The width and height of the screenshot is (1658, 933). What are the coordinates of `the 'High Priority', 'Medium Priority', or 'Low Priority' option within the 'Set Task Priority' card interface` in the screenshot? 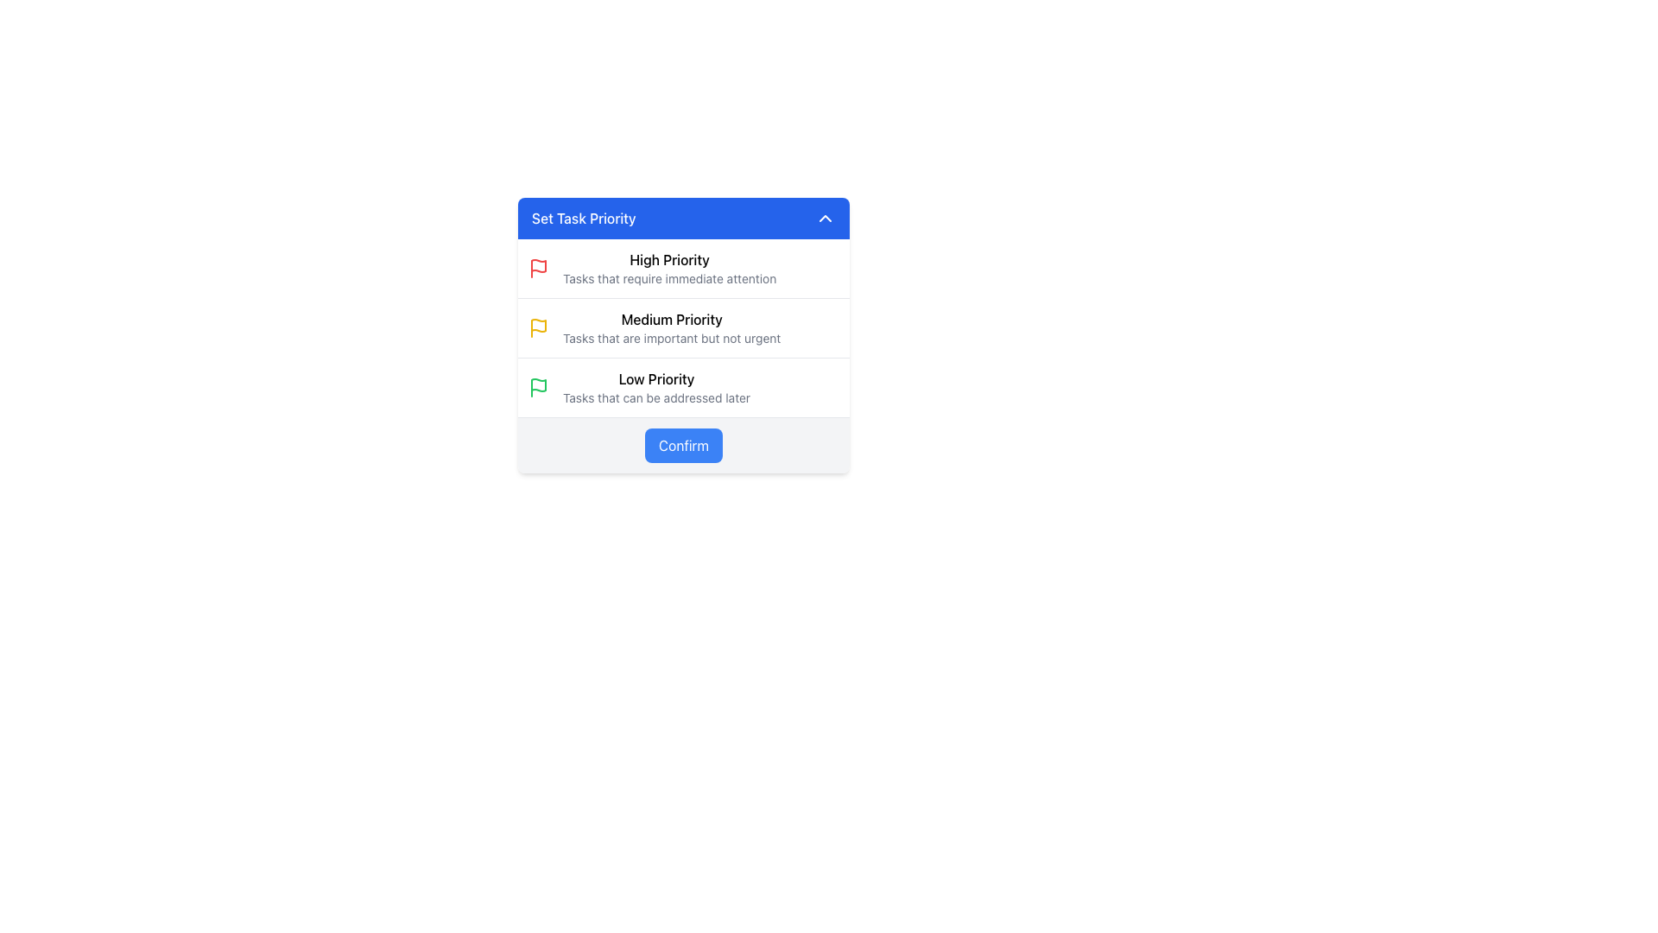 It's located at (683, 335).